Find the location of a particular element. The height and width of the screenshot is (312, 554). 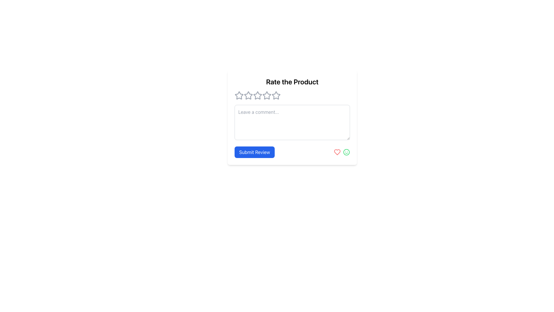

the second star icon used for rating to set the rating to 2 is located at coordinates (257, 95).